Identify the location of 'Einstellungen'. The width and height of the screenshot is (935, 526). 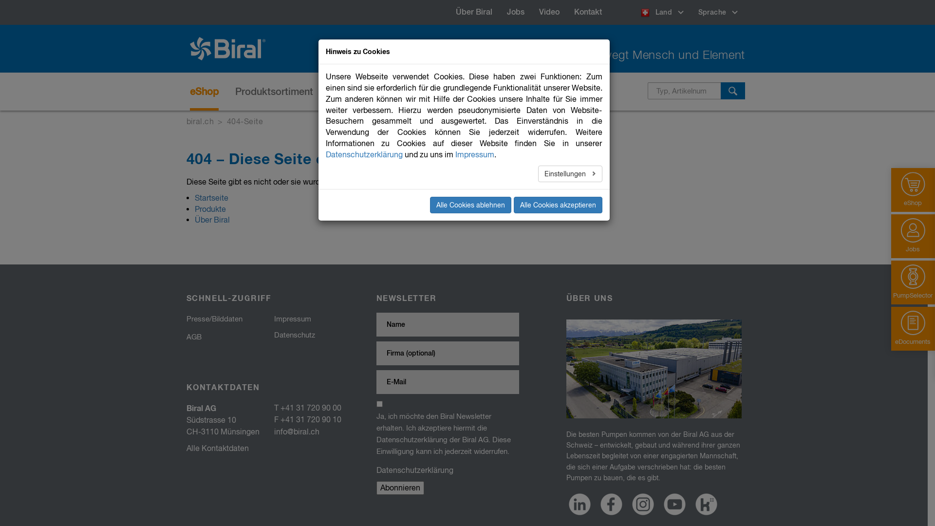
(570, 173).